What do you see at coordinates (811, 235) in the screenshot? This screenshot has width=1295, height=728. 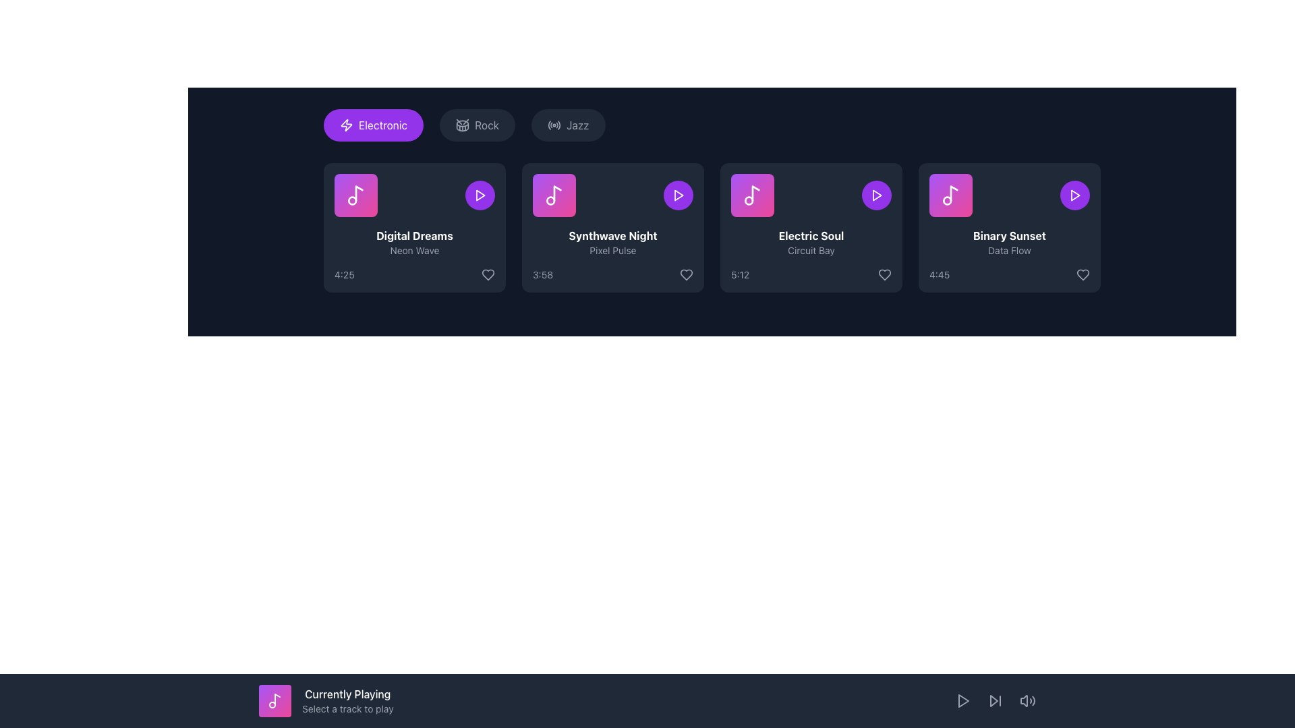 I see `the text label displaying 'Electric Soul' in bold white font, which is centrally located within the card above 'Circuit Bay'` at bounding box center [811, 235].